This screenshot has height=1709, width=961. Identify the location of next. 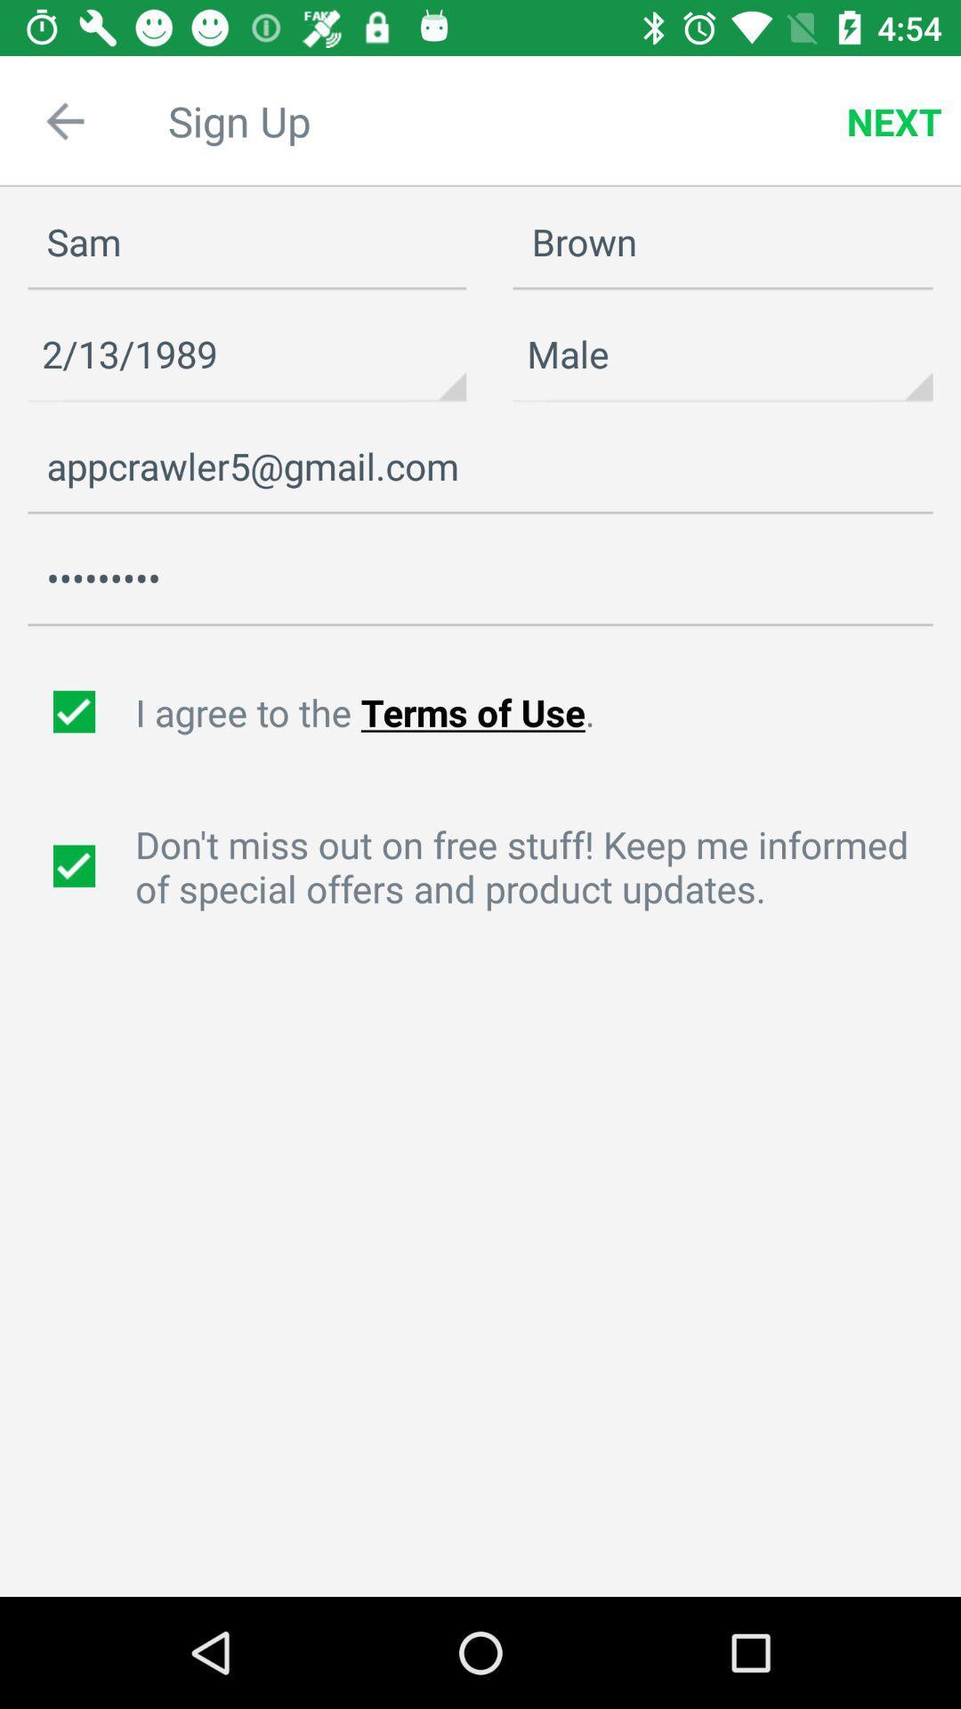
(894, 120).